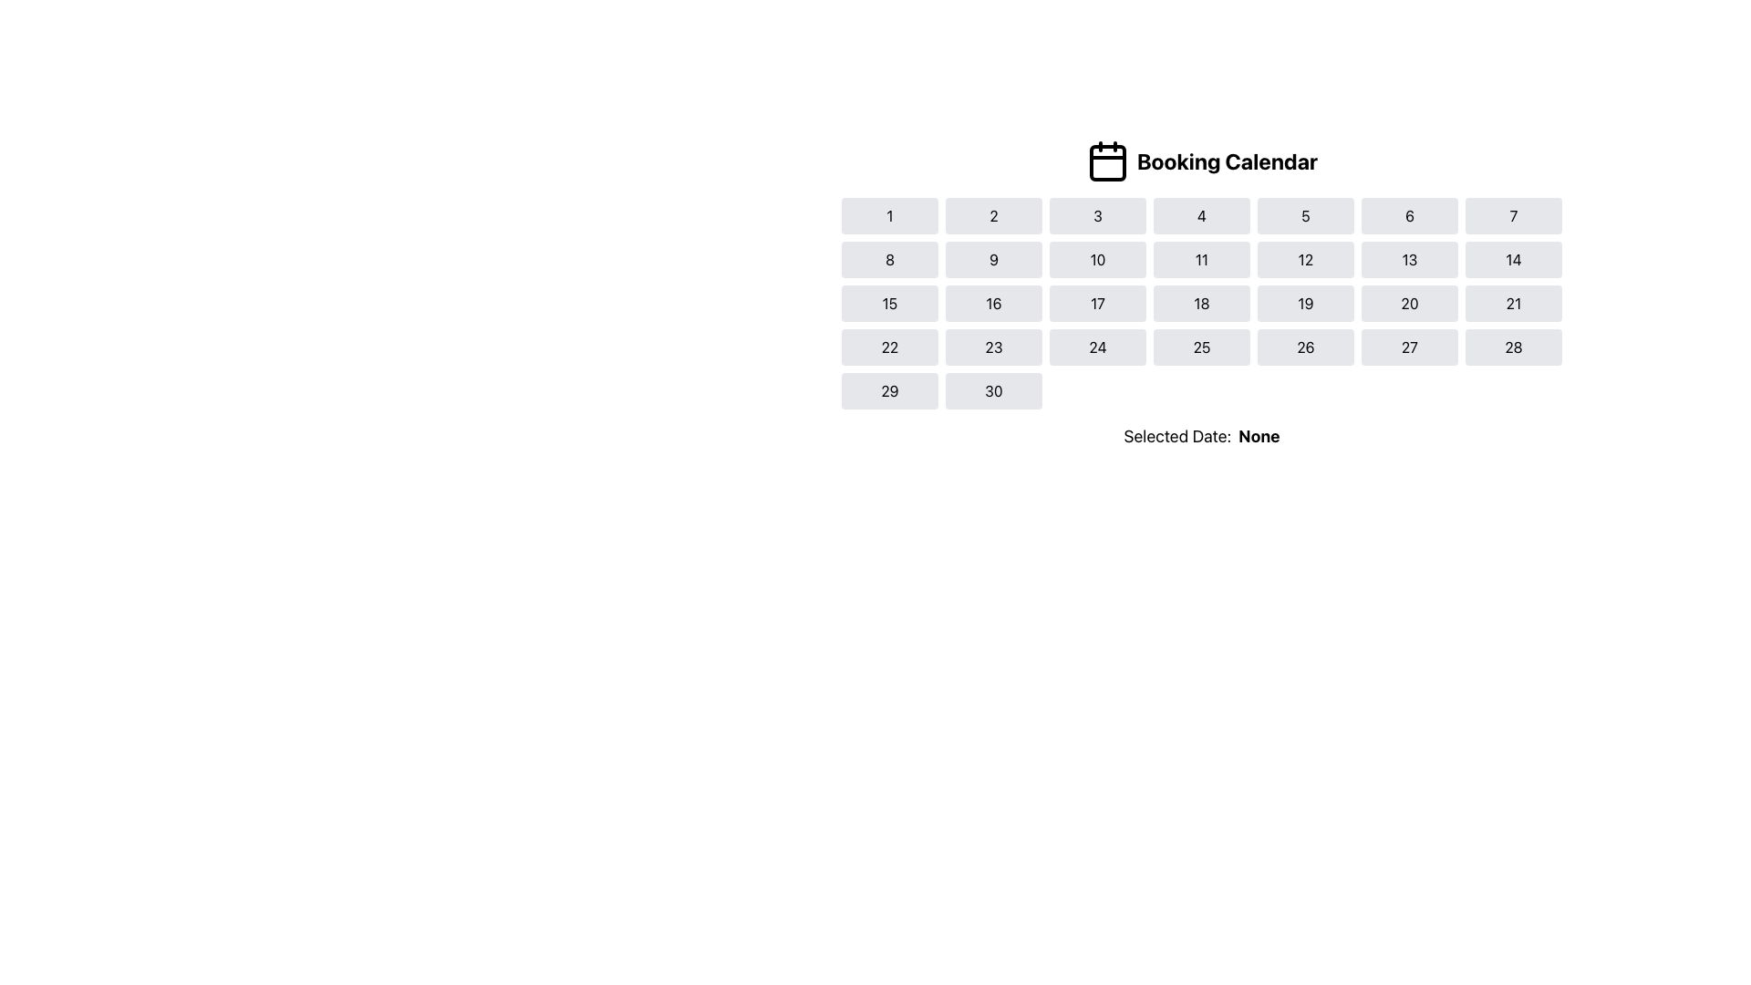  What do you see at coordinates (1514, 260) in the screenshot?
I see `the button labeled '14' in the second row and seventh column of the Booking Calendar` at bounding box center [1514, 260].